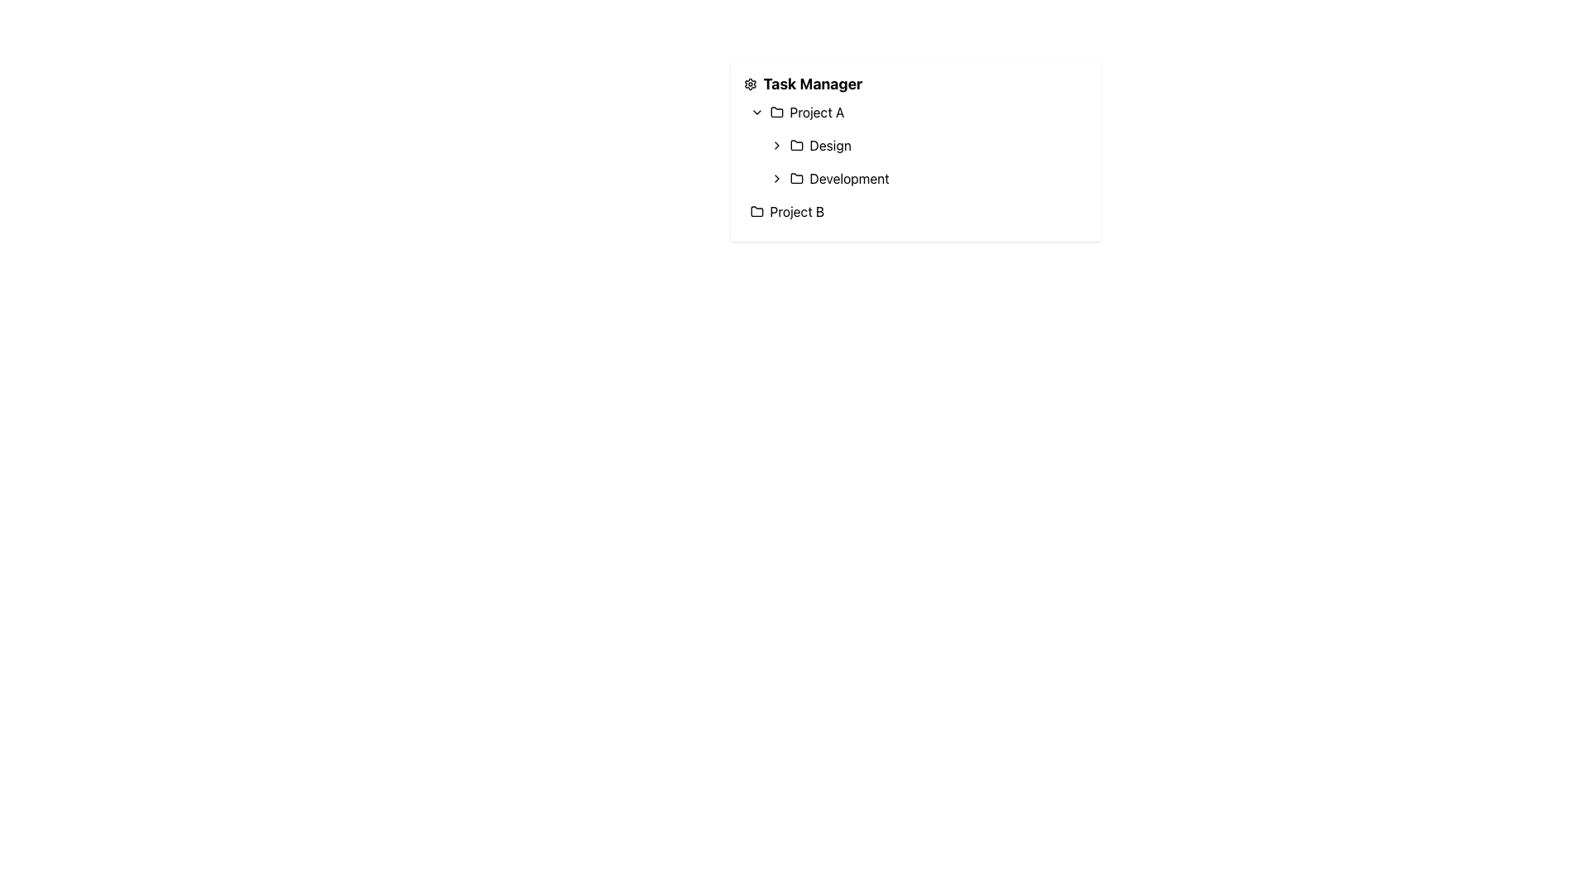  What do you see at coordinates (756, 210) in the screenshot?
I see `the folder icon located to the left of the text 'Project B', which serves as a visual indicator for the item` at bounding box center [756, 210].